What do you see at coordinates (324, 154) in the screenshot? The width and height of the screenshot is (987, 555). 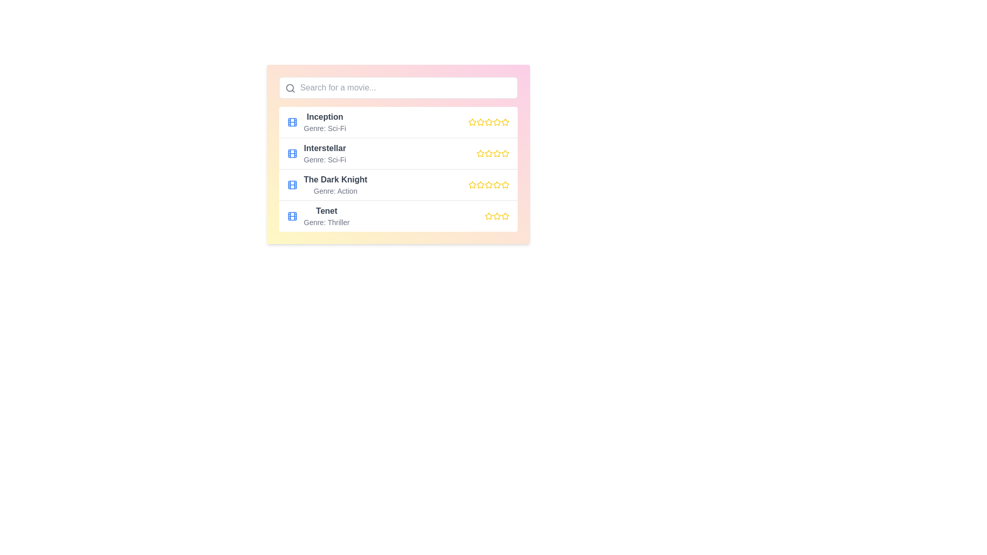 I see `the text label displaying the movie title and genre, which is the second item in the vertical list located below 'Inception: Genre Sci-Fi' and above 'The Dark Knight: Genre Action'` at bounding box center [324, 154].